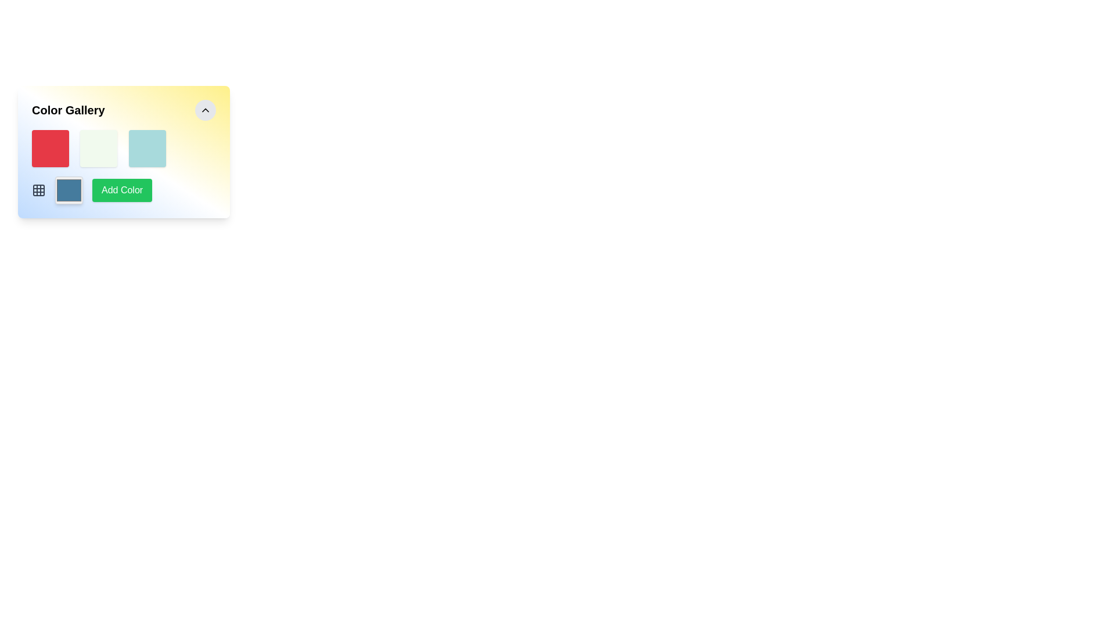 The width and height of the screenshot is (1115, 627). Describe the element at coordinates (39, 189) in the screenshot. I see `the grid configuration icon located below the 'Add Color' button` at that location.